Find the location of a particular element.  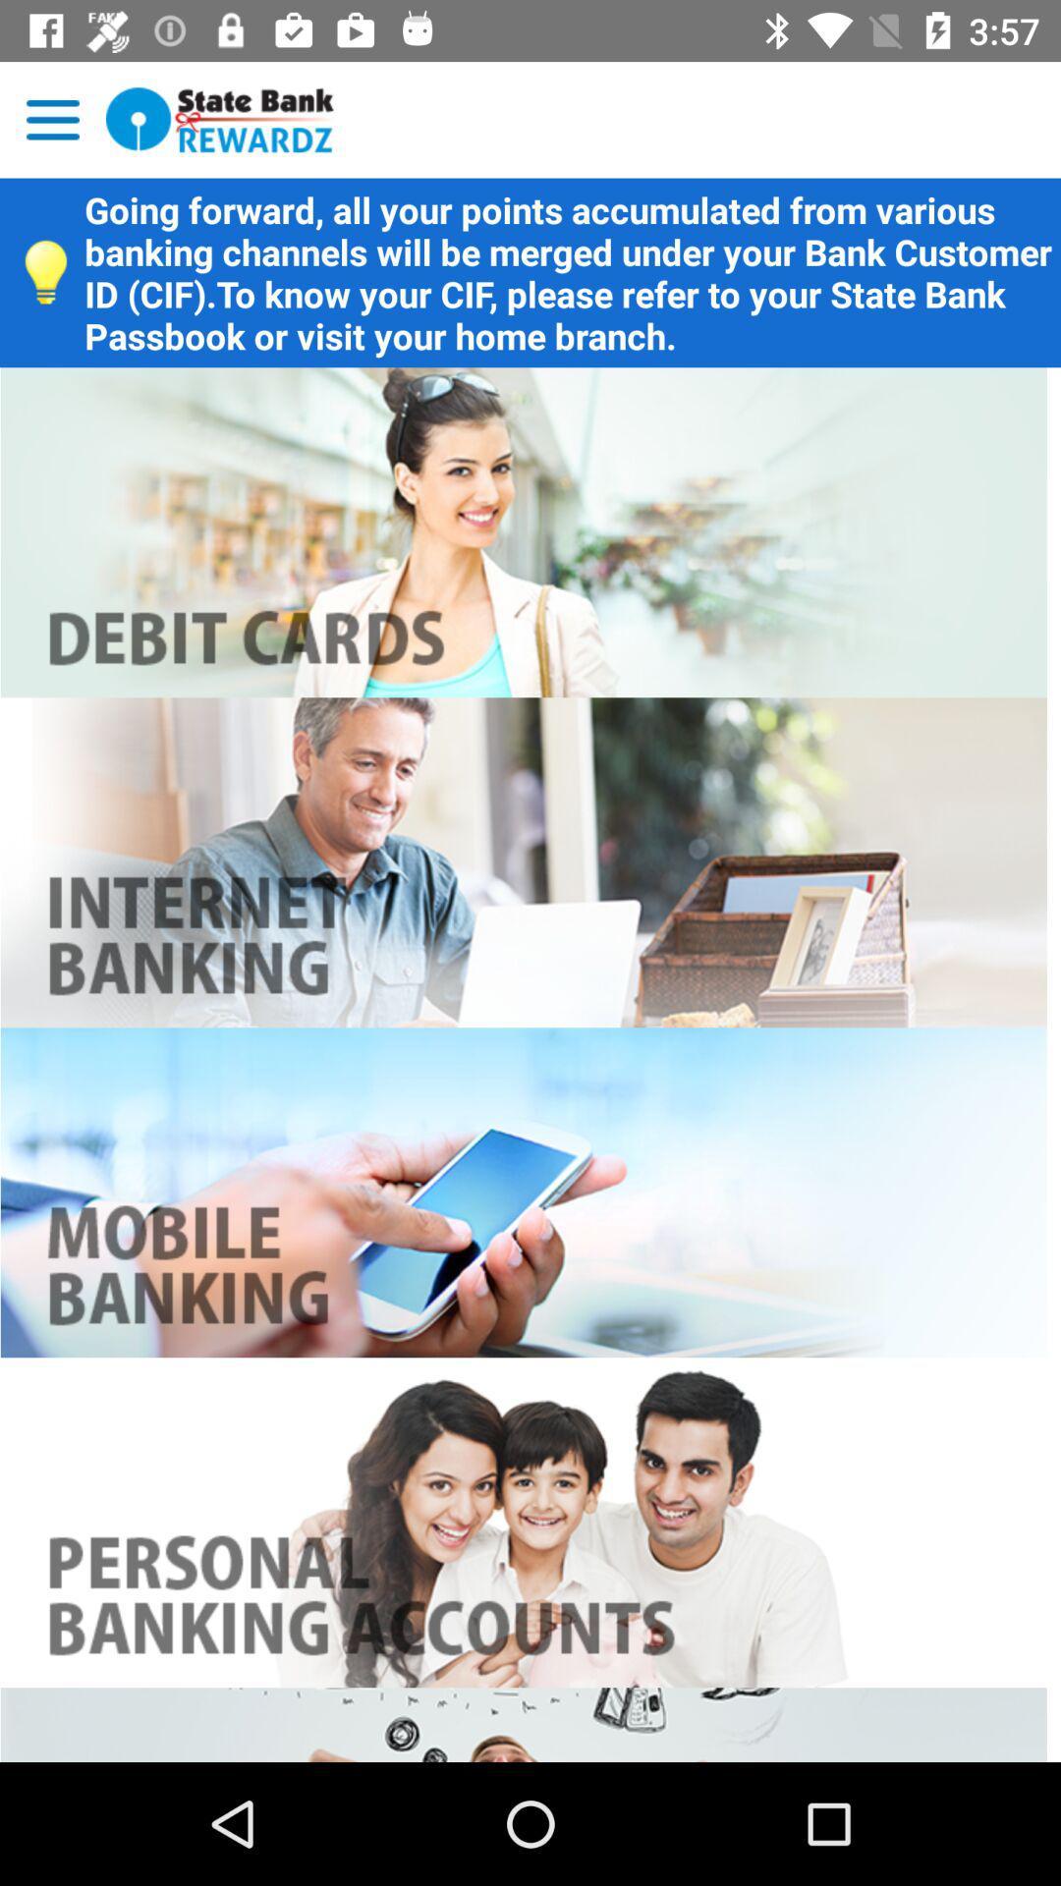

show options is located at coordinates (52, 119).